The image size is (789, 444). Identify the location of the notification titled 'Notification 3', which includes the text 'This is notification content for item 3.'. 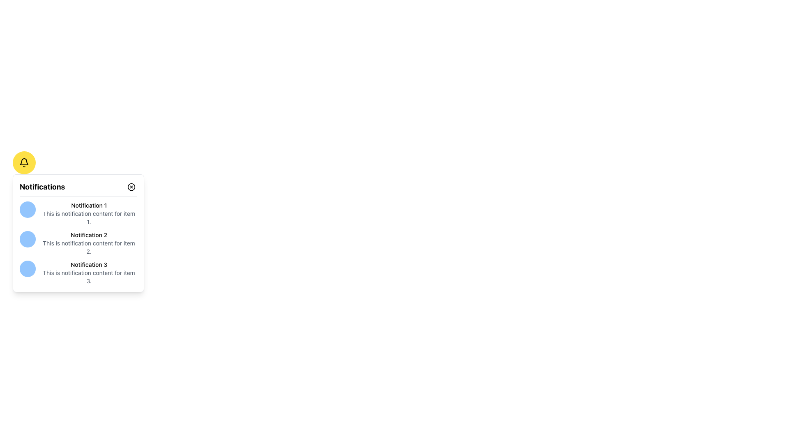
(89, 273).